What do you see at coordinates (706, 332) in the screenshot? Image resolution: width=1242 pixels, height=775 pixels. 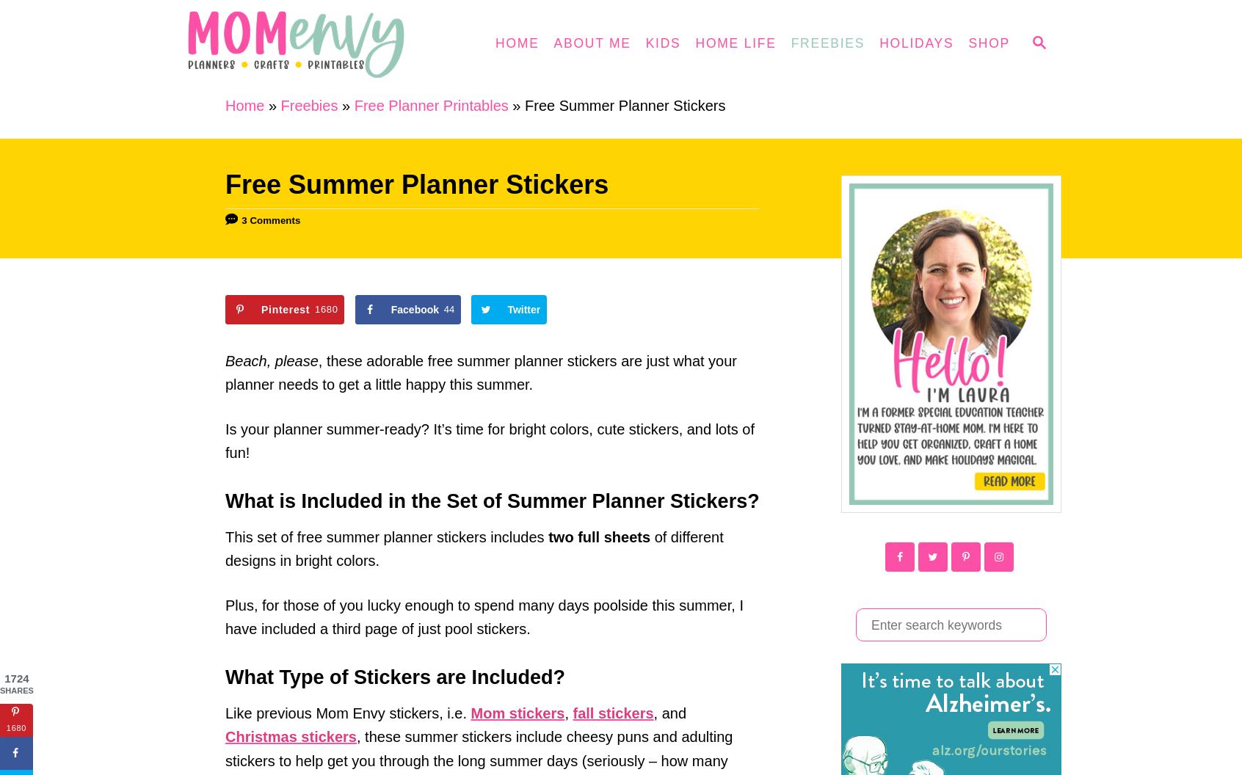 I see `'Tags and Cards'` at bounding box center [706, 332].